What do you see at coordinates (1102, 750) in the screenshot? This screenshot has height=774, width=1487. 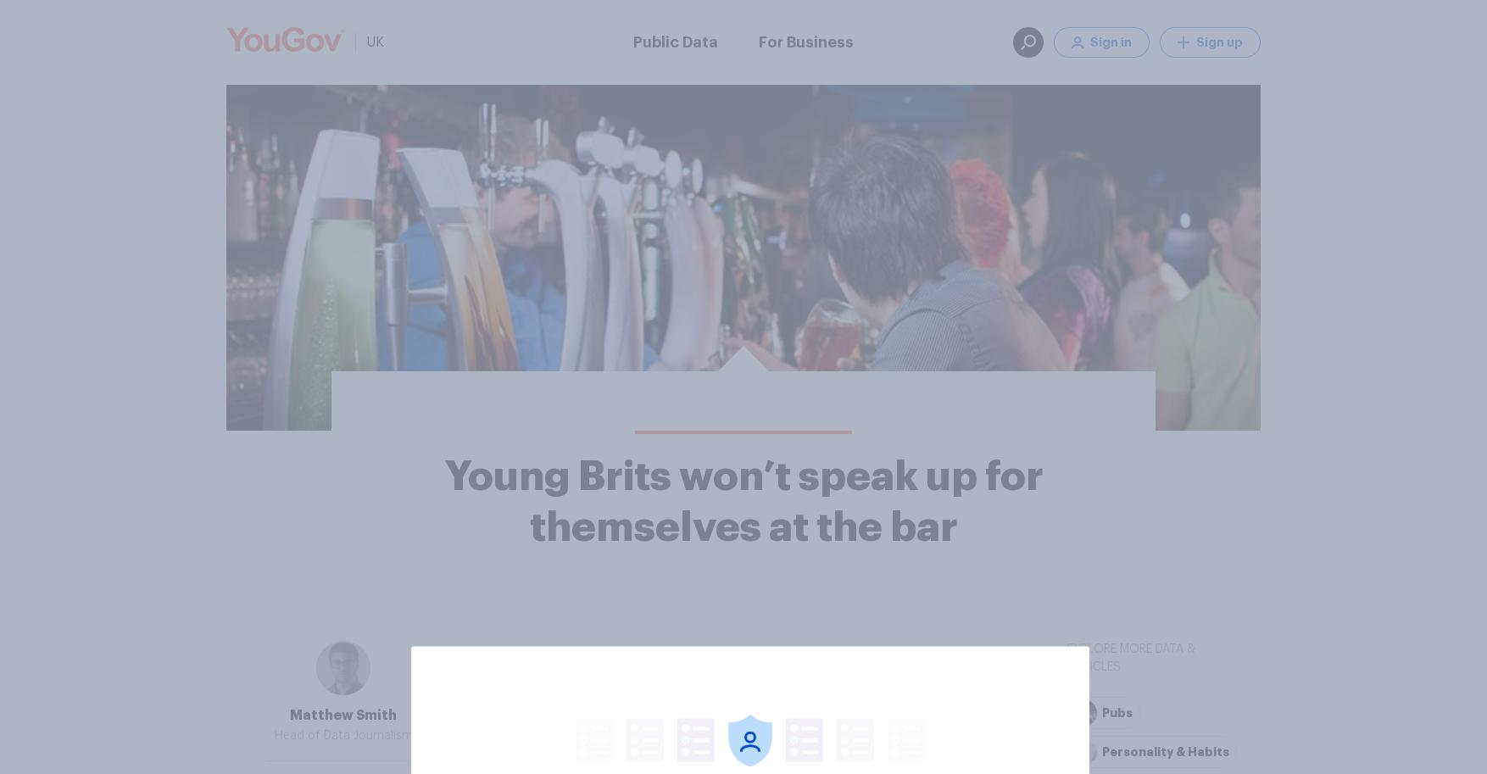 I see `'Personality & Habits'` at bounding box center [1102, 750].